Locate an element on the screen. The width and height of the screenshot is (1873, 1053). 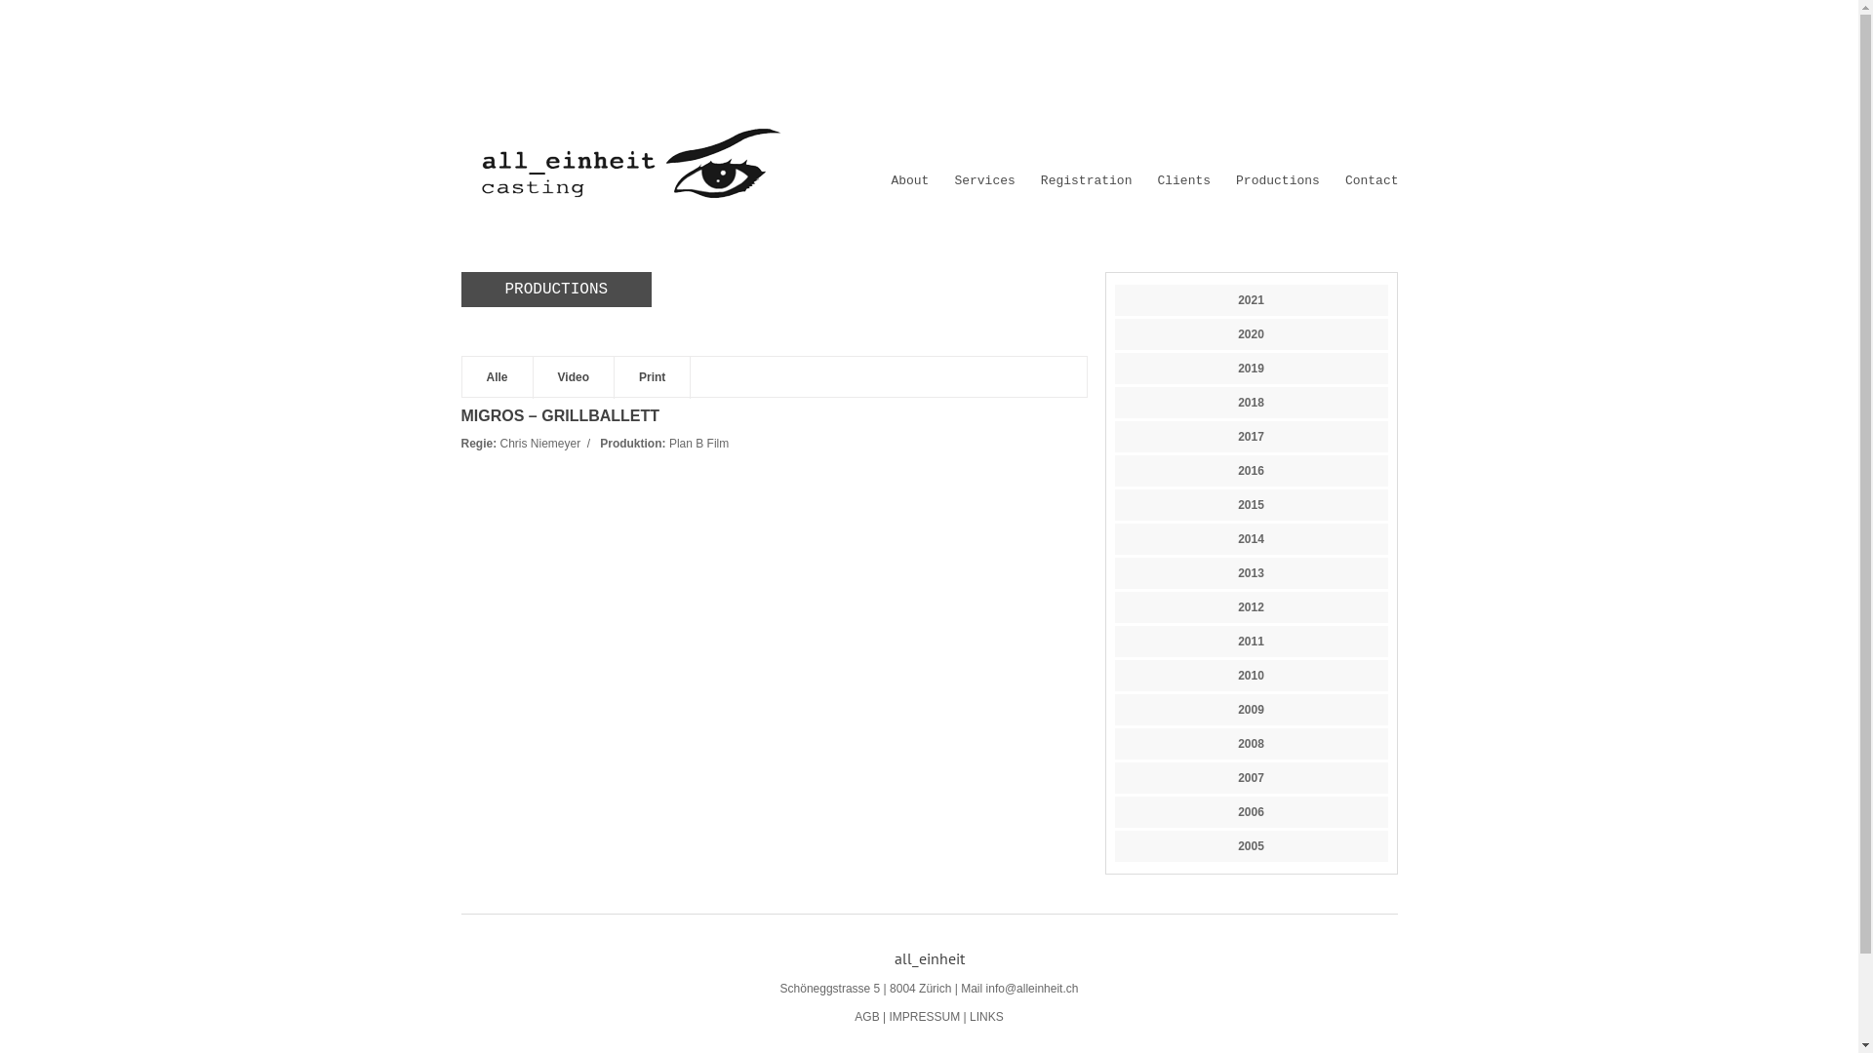
'2005' is located at coordinates (1250, 844).